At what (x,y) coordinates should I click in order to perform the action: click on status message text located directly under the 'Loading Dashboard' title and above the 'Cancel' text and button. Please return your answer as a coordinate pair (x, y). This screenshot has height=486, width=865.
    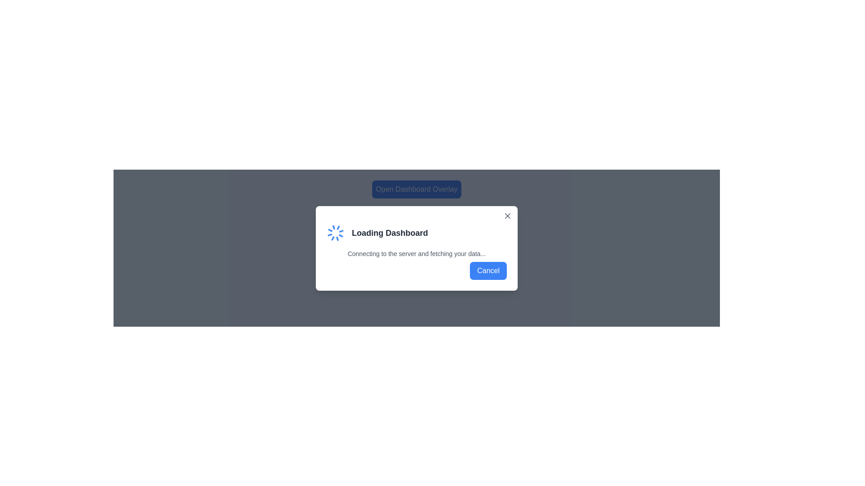
    Looking at the image, I should click on (416, 253).